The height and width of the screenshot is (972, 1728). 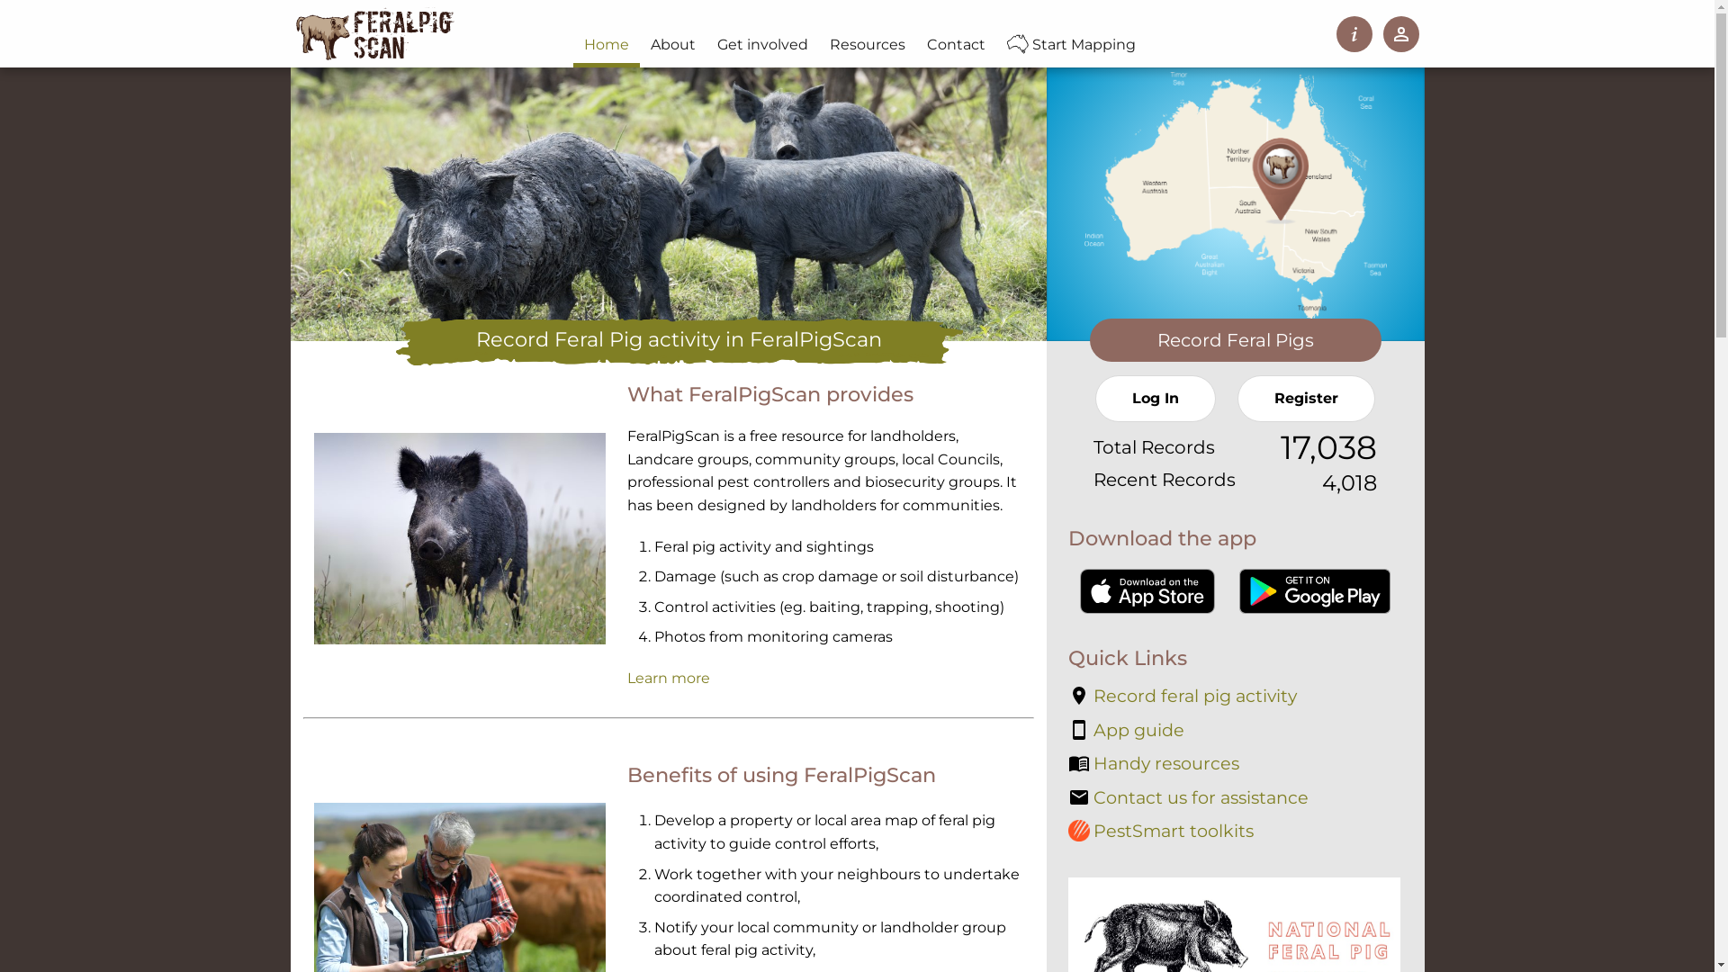 I want to click on 'Start Mapping', so click(x=1076, y=44).